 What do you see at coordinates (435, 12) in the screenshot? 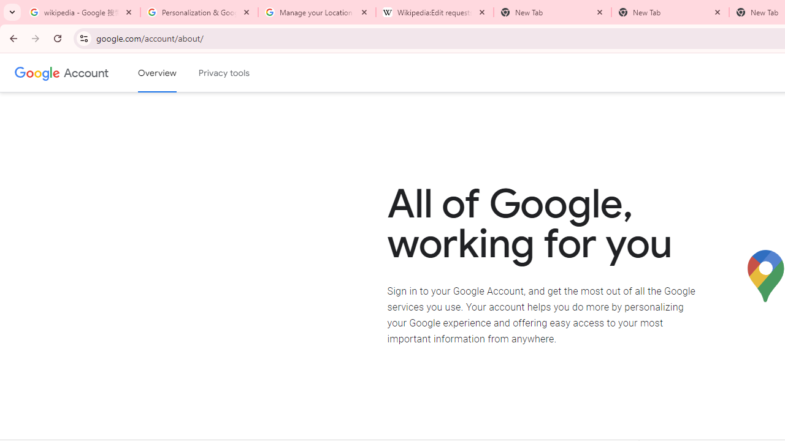
I see `'Wikipedia:Edit requests - Wikipedia'` at bounding box center [435, 12].